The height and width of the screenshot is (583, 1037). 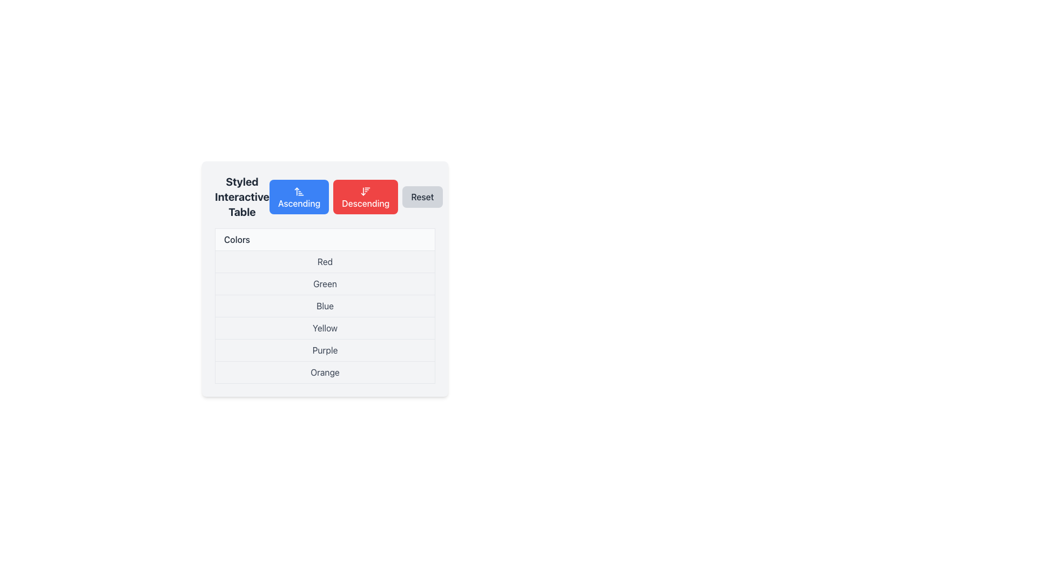 What do you see at coordinates (422, 197) in the screenshot?
I see `the 'Reset' button, which has a light gray background and dark gray text, to observe its style changes as indicated by its hover state` at bounding box center [422, 197].